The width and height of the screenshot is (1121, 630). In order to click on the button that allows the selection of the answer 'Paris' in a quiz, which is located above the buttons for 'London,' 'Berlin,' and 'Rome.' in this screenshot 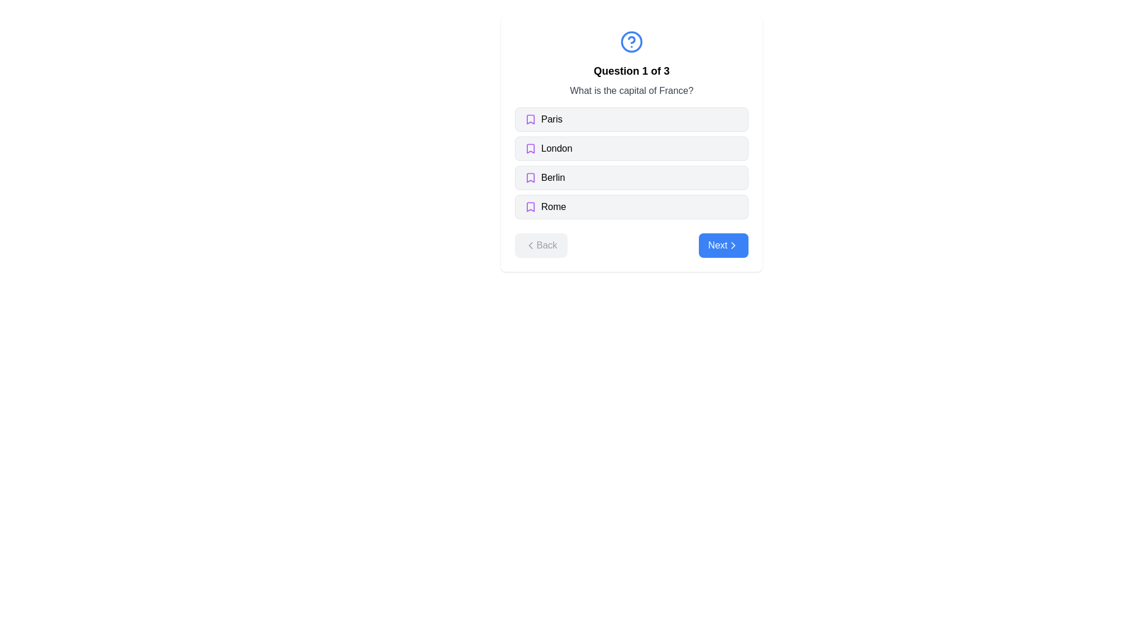, I will do `click(631, 119)`.